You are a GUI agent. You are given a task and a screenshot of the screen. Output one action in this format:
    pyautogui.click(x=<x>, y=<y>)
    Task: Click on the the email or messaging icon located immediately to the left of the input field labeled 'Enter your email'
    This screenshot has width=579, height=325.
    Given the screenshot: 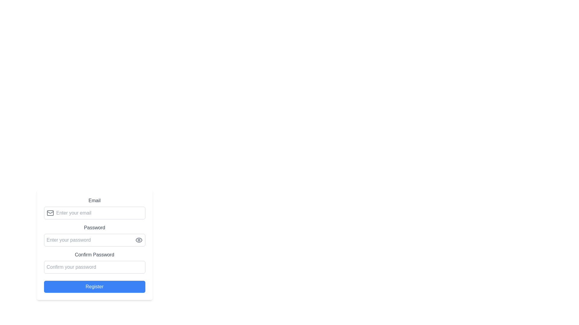 What is the action you would take?
    pyautogui.click(x=50, y=213)
    